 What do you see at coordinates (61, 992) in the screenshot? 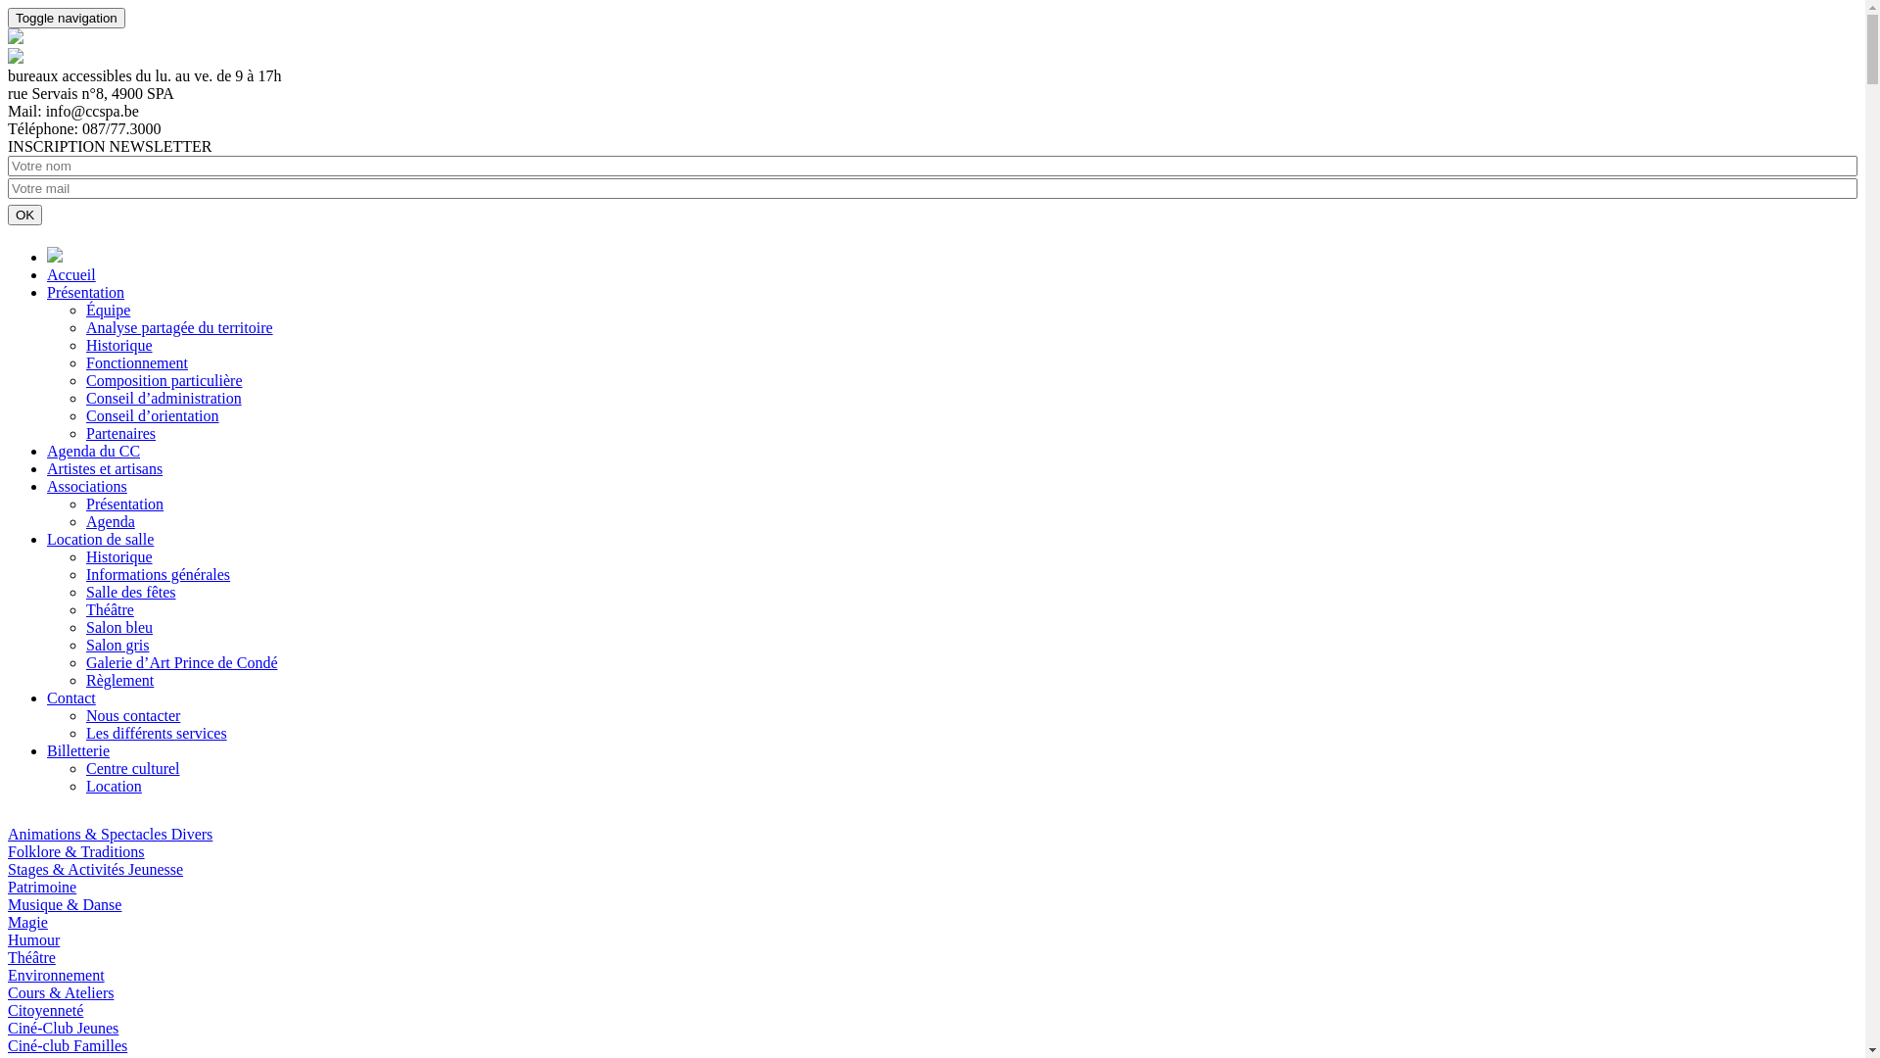
I see `'Cours & Ateliers'` at bounding box center [61, 992].